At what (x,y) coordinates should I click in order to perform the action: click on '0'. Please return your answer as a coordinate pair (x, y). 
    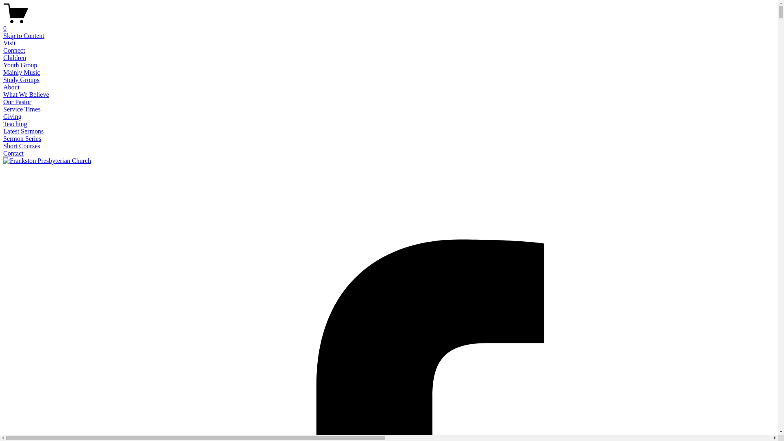
    Looking at the image, I should click on (388, 24).